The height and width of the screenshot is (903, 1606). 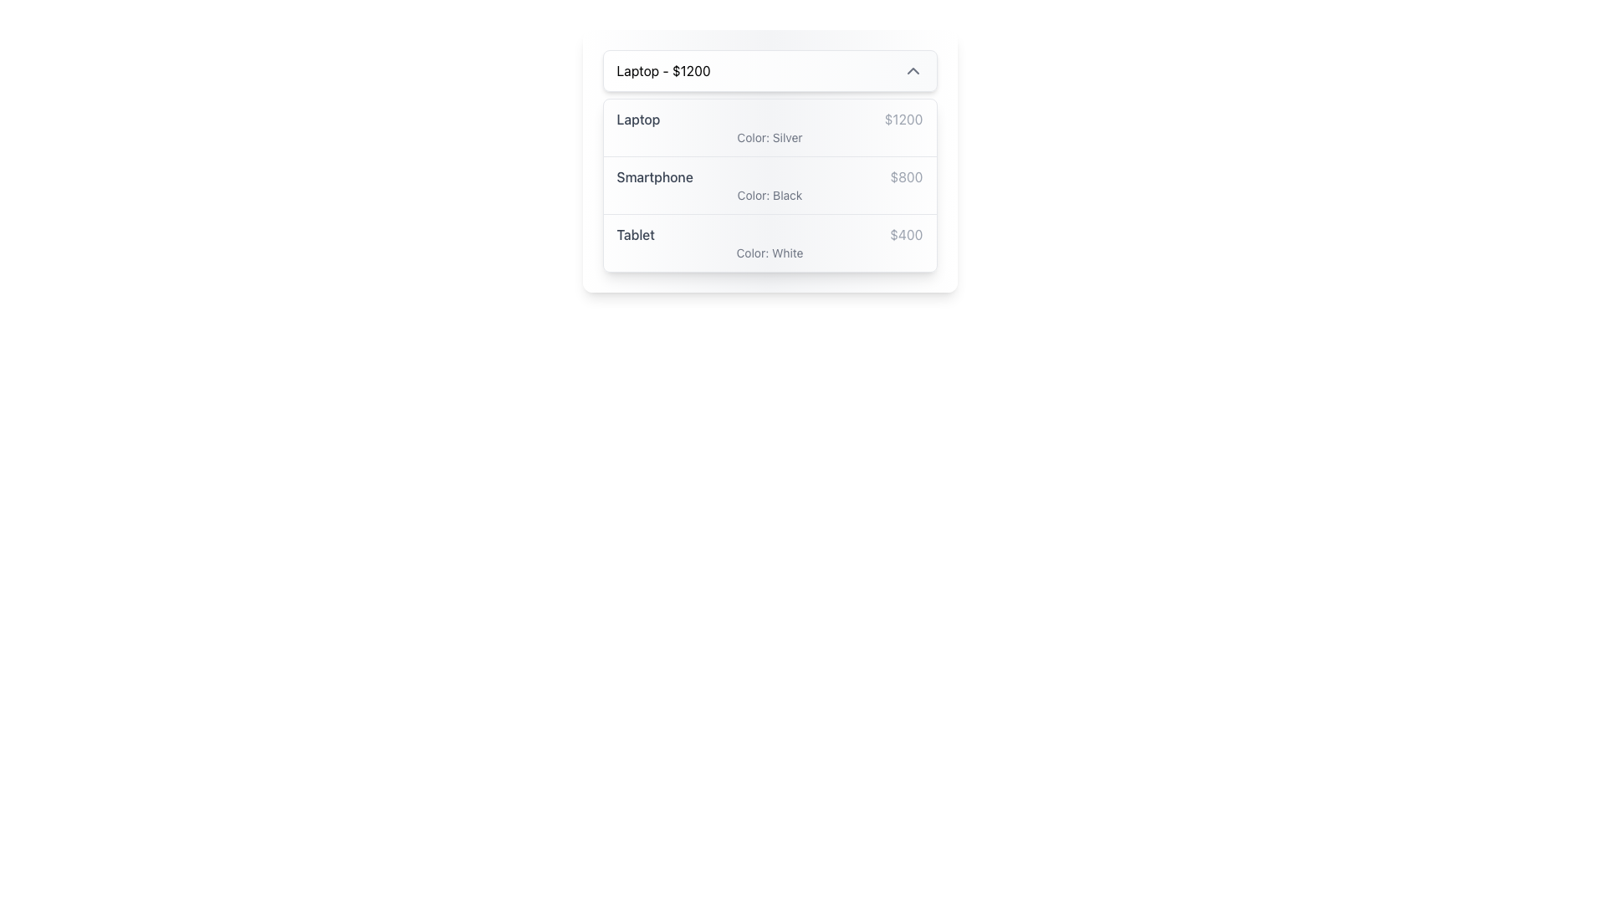 I want to click on the non-interactive informational text displaying the price of the 'Tablet' item, located in the third row of the dropdown, aligned to the right of the 'Tablet' label, so click(x=905, y=235).